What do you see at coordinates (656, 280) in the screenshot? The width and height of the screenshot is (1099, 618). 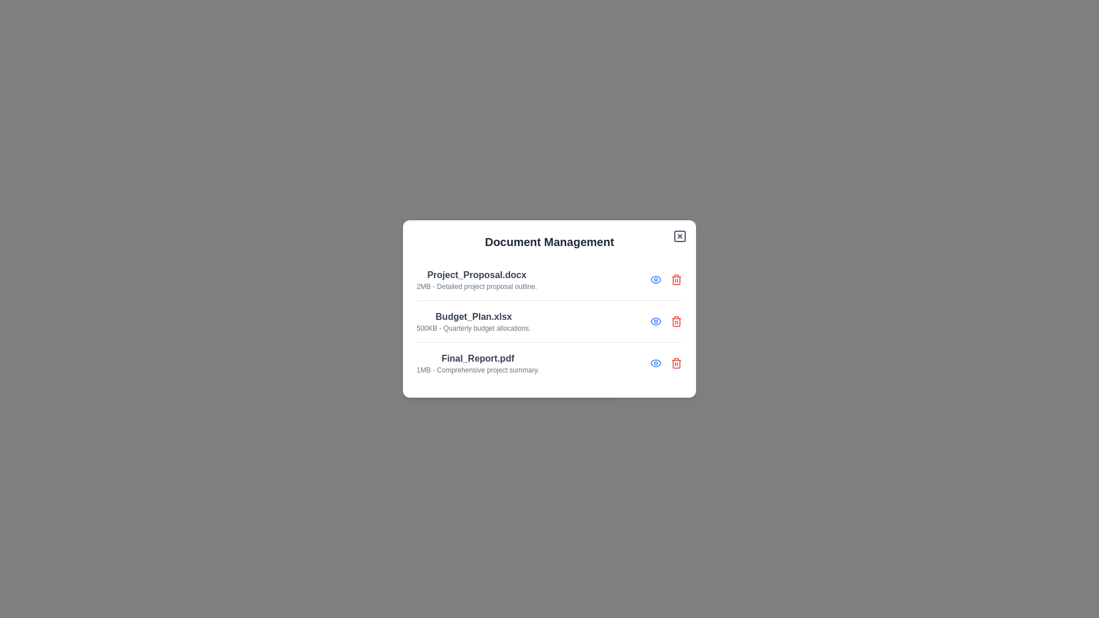 I see `view button for the document named Project_Proposal.docx` at bounding box center [656, 280].